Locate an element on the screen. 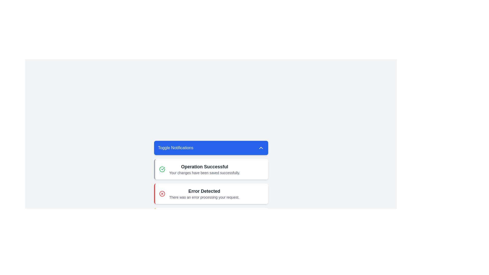  the circular icon with a green check mark, indicating successful action, located at the top-left corner of the notification card next to the text 'Operation Successful' is located at coordinates (162, 169).